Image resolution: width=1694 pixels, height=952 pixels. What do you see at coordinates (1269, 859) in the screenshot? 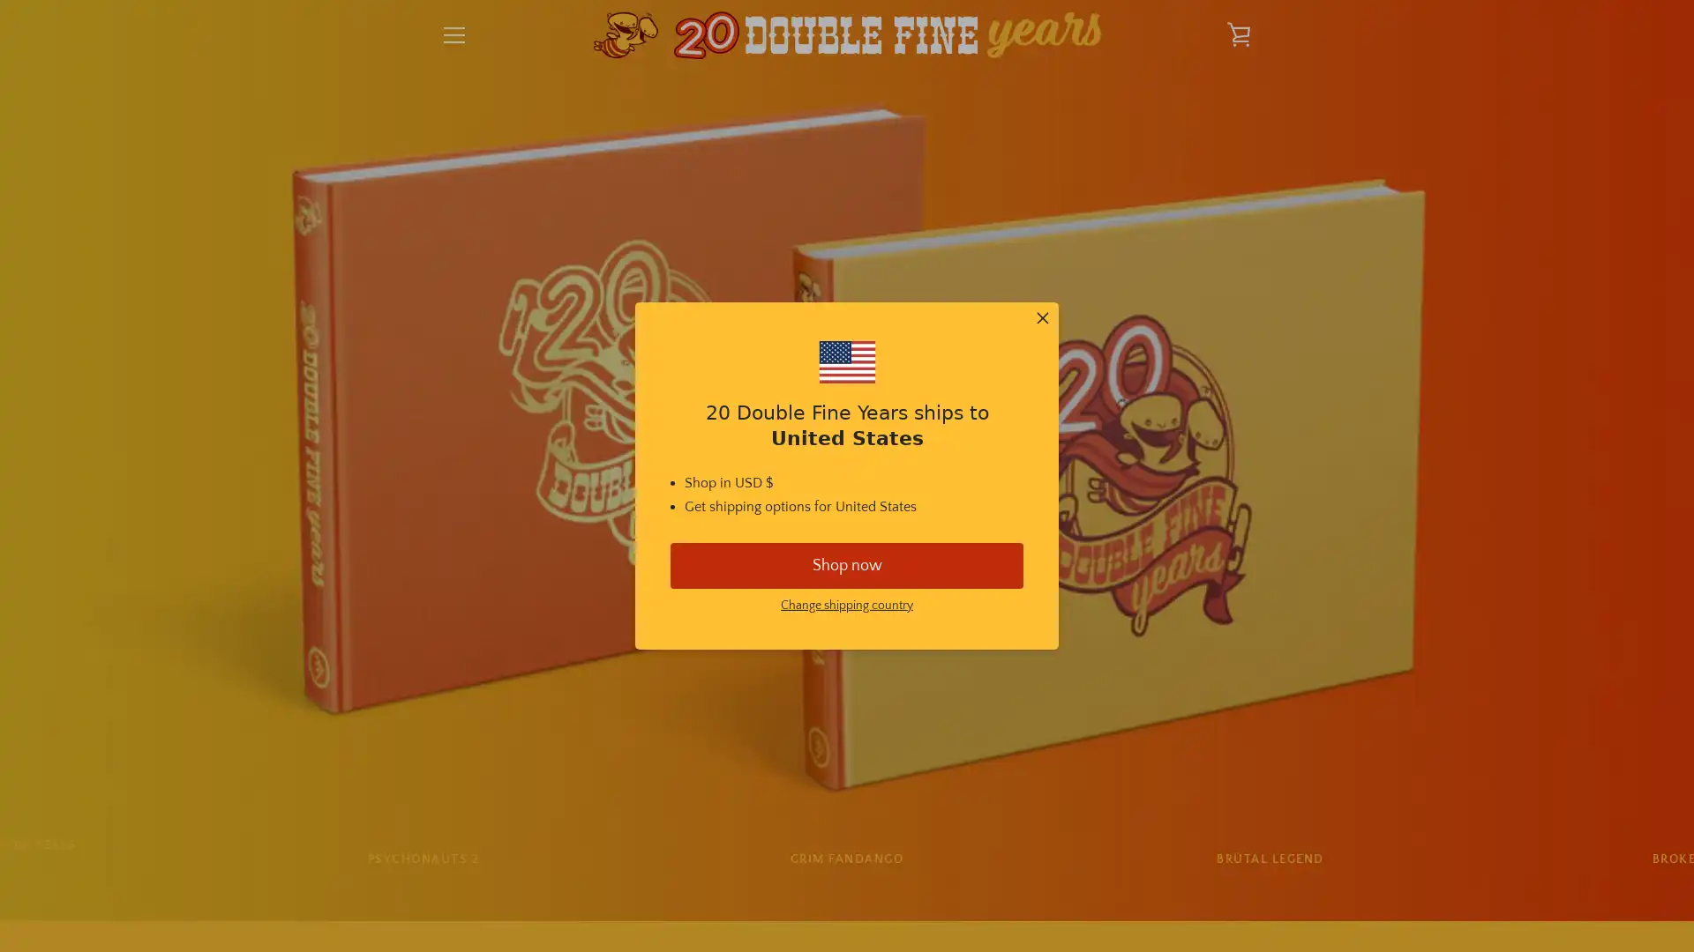
I see `SLIDE 4 BRUTAL LEGEND` at bounding box center [1269, 859].